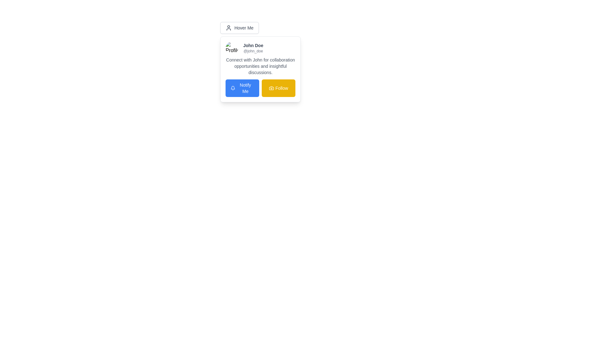 The height and width of the screenshot is (339, 604). Describe the element at coordinates (242, 88) in the screenshot. I see `the subscription button located in the lower section of the card, to the left of the yellow 'Follow' button` at that location.